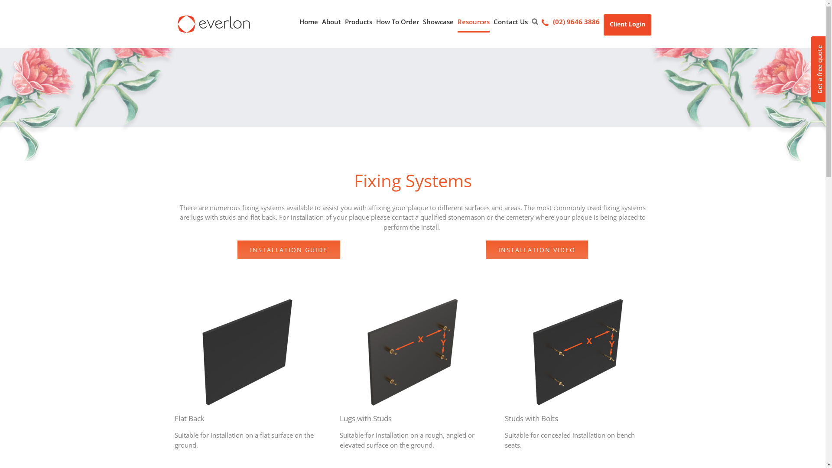 Image resolution: width=832 pixels, height=468 pixels. Describe the element at coordinates (627, 24) in the screenshot. I see `'Client Login'` at that location.